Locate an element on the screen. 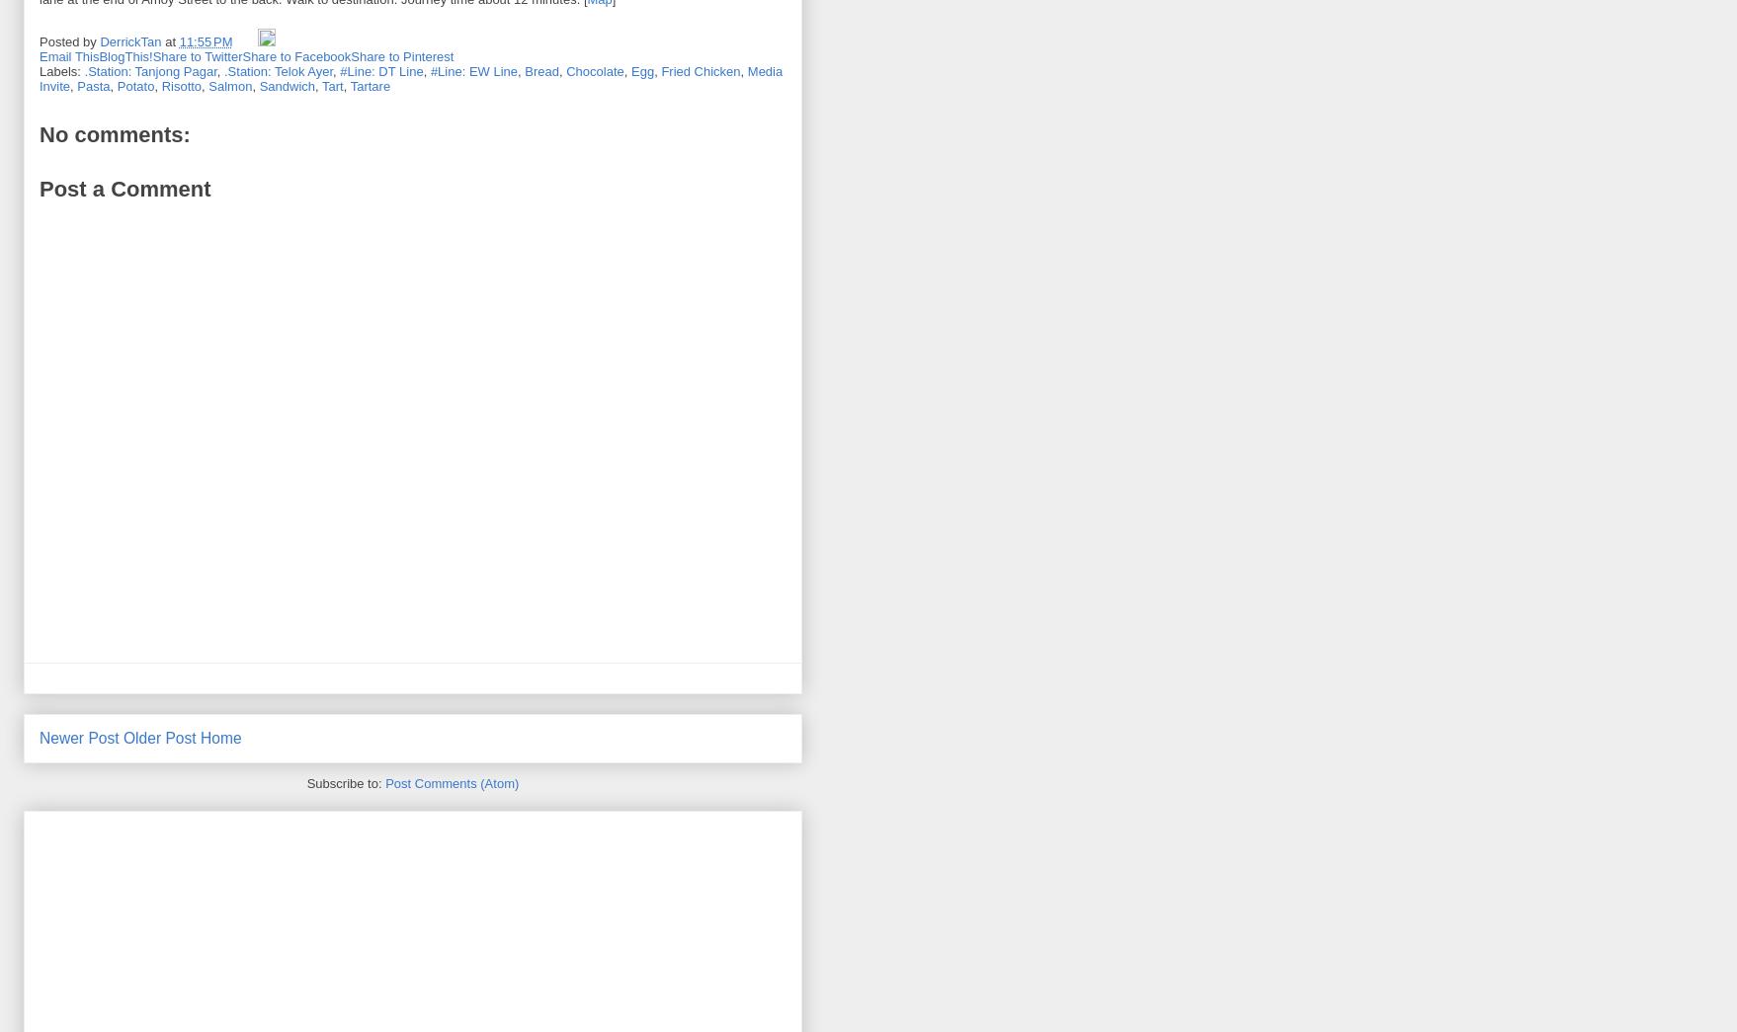  'DerrickTan' is located at coordinates (130, 40).